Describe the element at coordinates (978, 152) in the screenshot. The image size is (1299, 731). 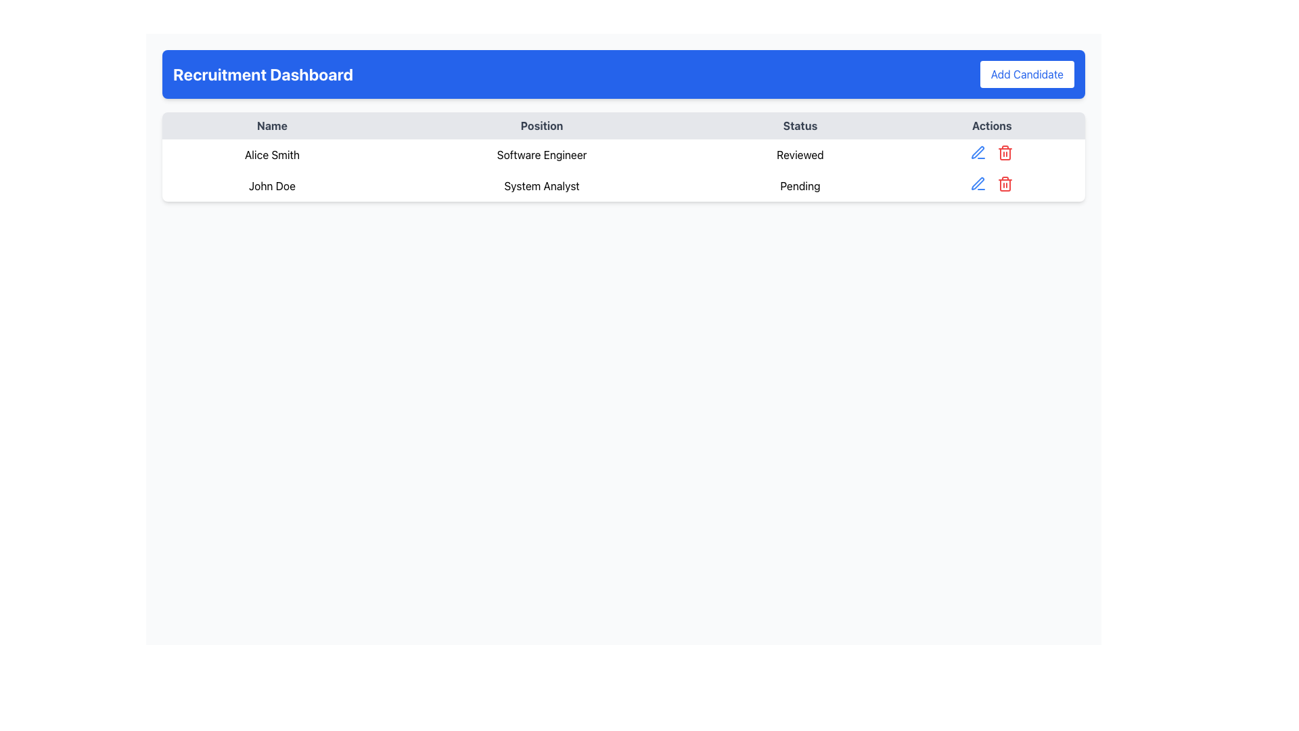
I see `the blue pen icon in the 'Actions' column corresponding to John Doe` at that location.